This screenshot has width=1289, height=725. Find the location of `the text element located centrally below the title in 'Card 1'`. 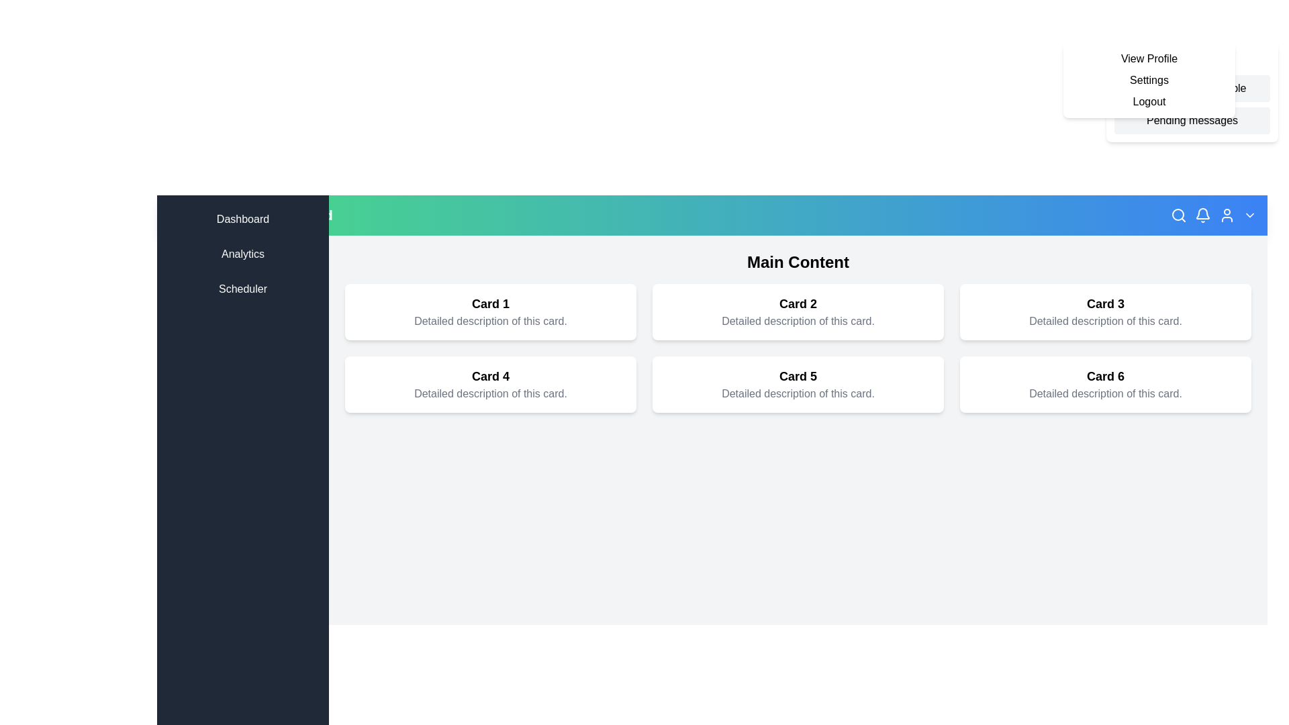

the text element located centrally below the title in 'Card 1' is located at coordinates (489, 321).